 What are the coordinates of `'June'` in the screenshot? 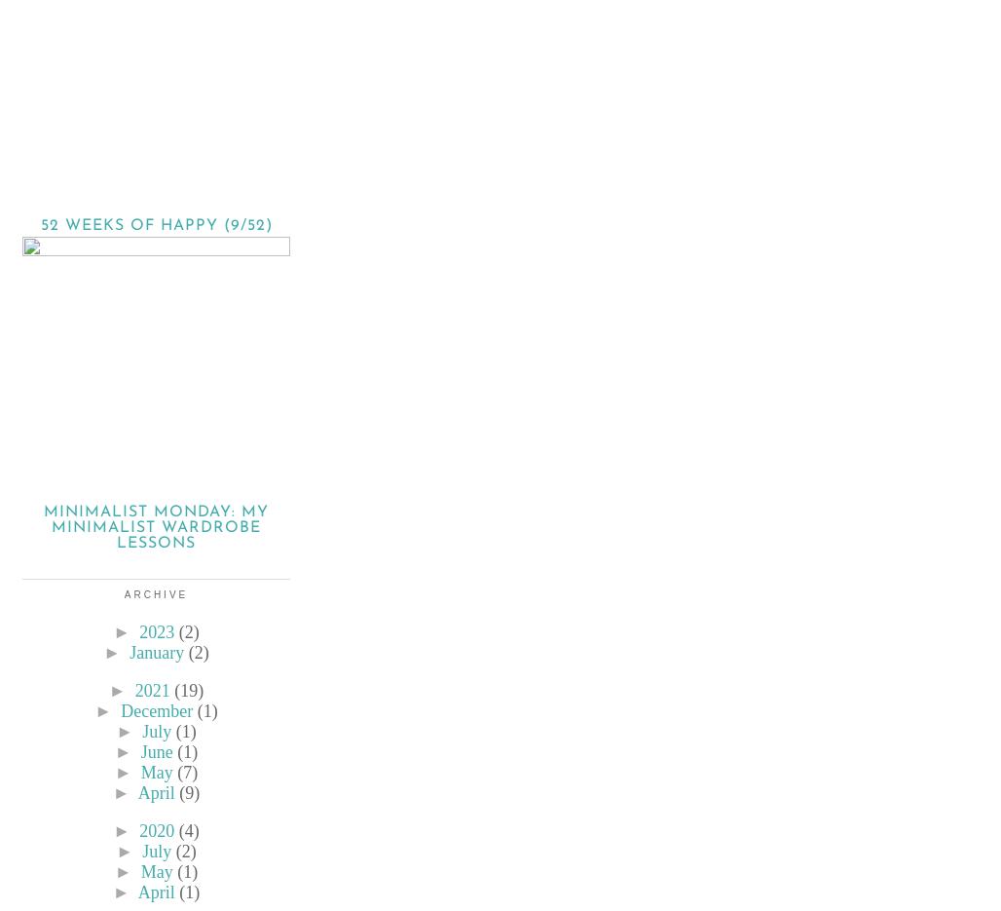 It's located at (156, 751).